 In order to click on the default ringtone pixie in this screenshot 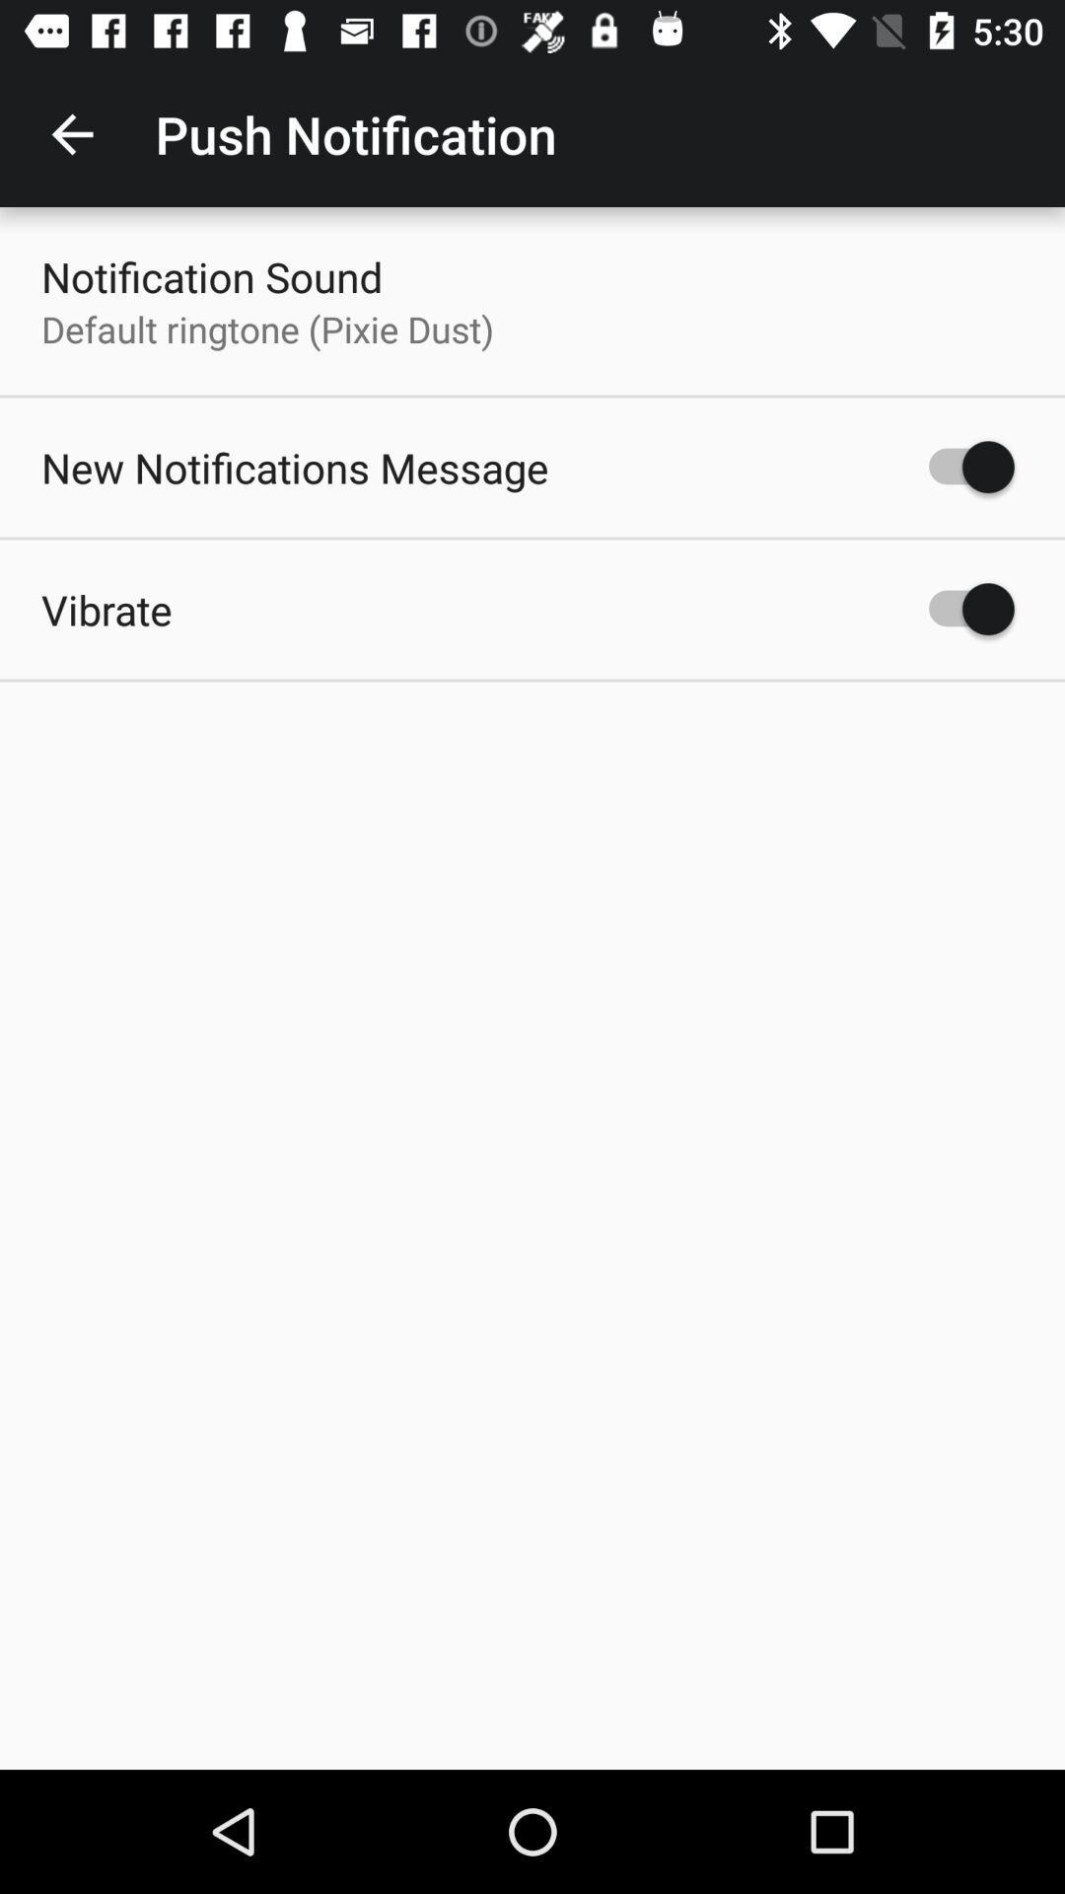, I will do `click(267, 328)`.